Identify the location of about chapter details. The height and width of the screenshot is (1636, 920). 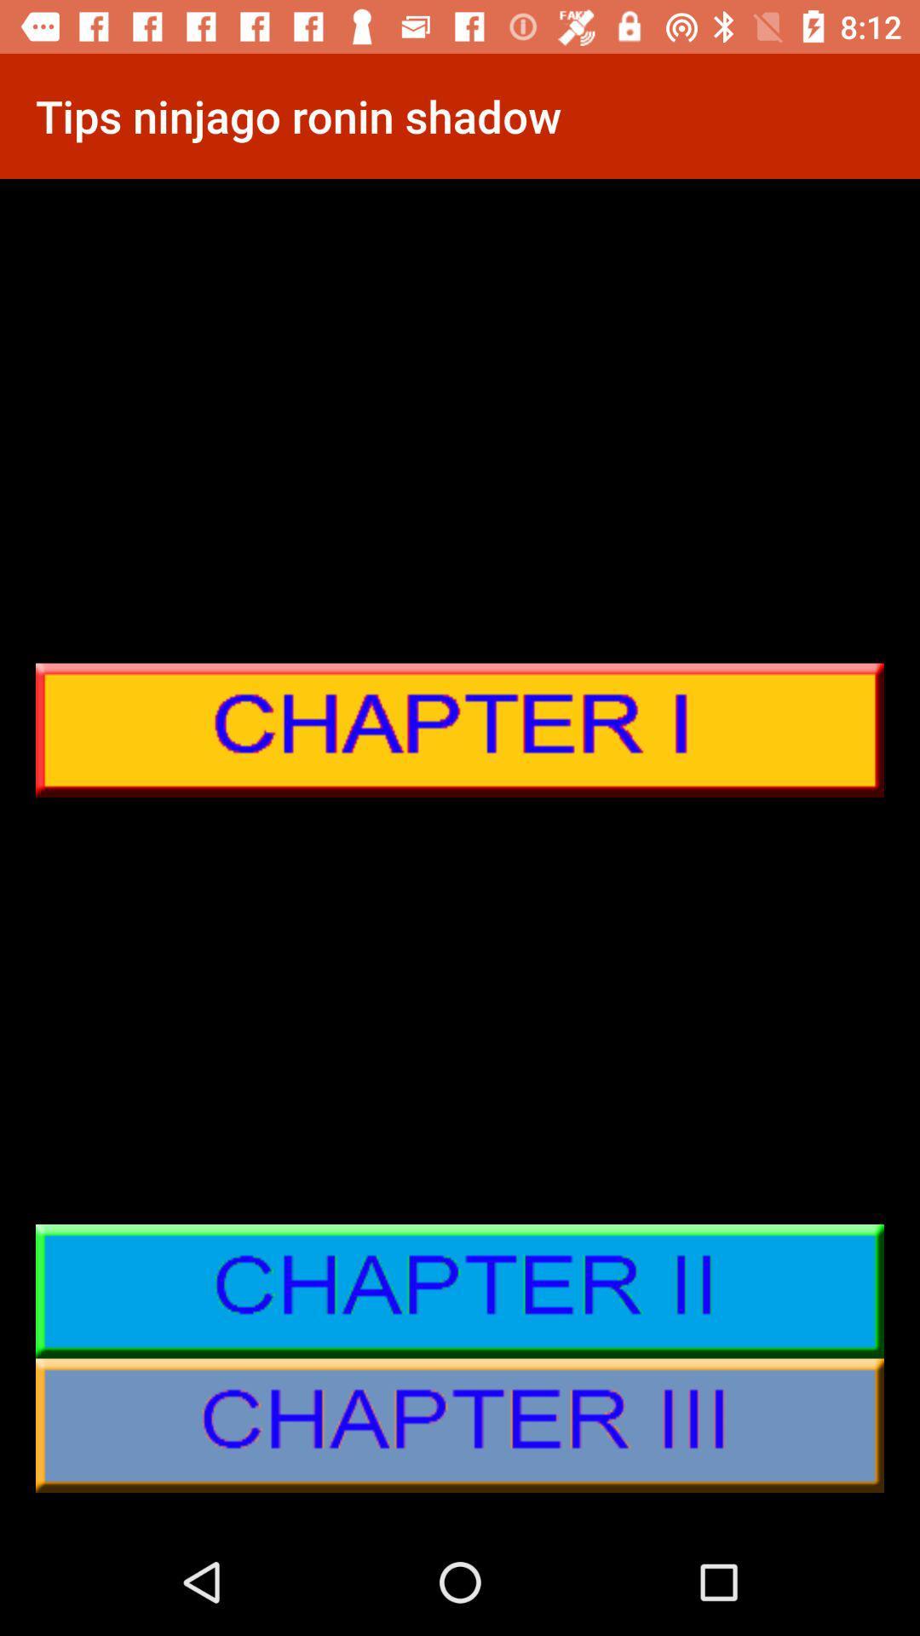
(460, 1291).